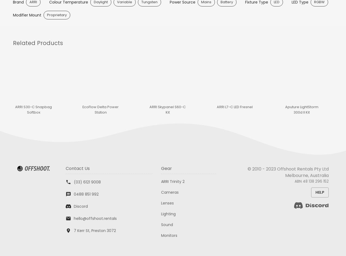 This screenshot has height=256, width=346. I want to click on 'EcoFlow Delta Power Station', so click(100, 109).